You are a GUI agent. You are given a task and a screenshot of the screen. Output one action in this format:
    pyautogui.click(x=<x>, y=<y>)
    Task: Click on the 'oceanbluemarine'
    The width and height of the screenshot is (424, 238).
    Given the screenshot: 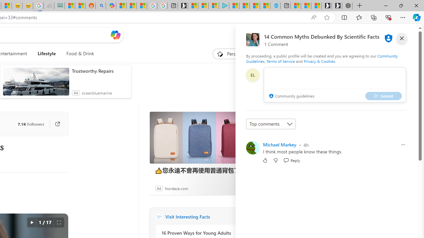 What is the action you would take?
    pyautogui.click(x=96, y=93)
    